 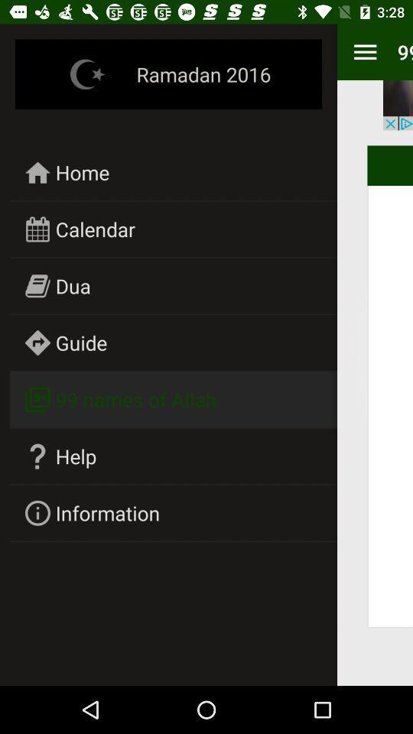 What do you see at coordinates (364, 52) in the screenshot?
I see `the item to the right of ramadan 2016` at bounding box center [364, 52].